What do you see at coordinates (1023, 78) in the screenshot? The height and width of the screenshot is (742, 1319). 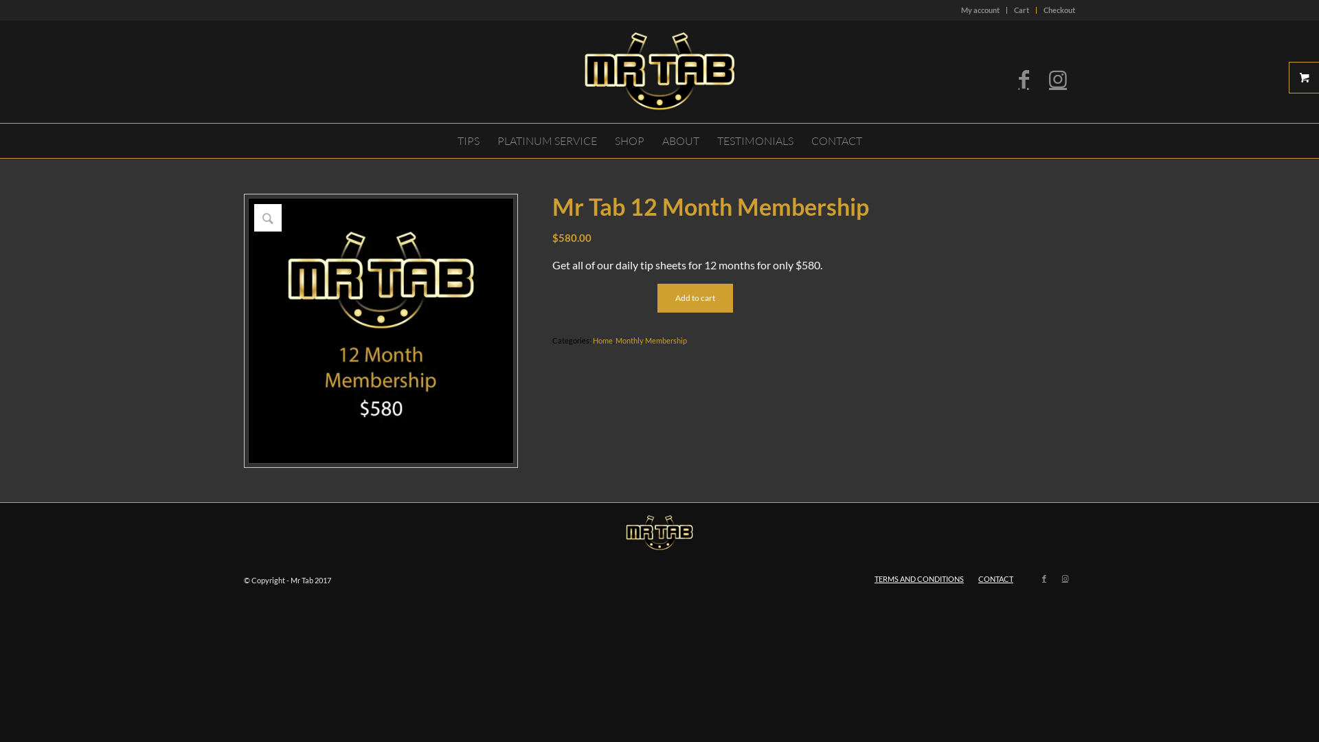 I see `'Facebook'` at bounding box center [1023, 78].